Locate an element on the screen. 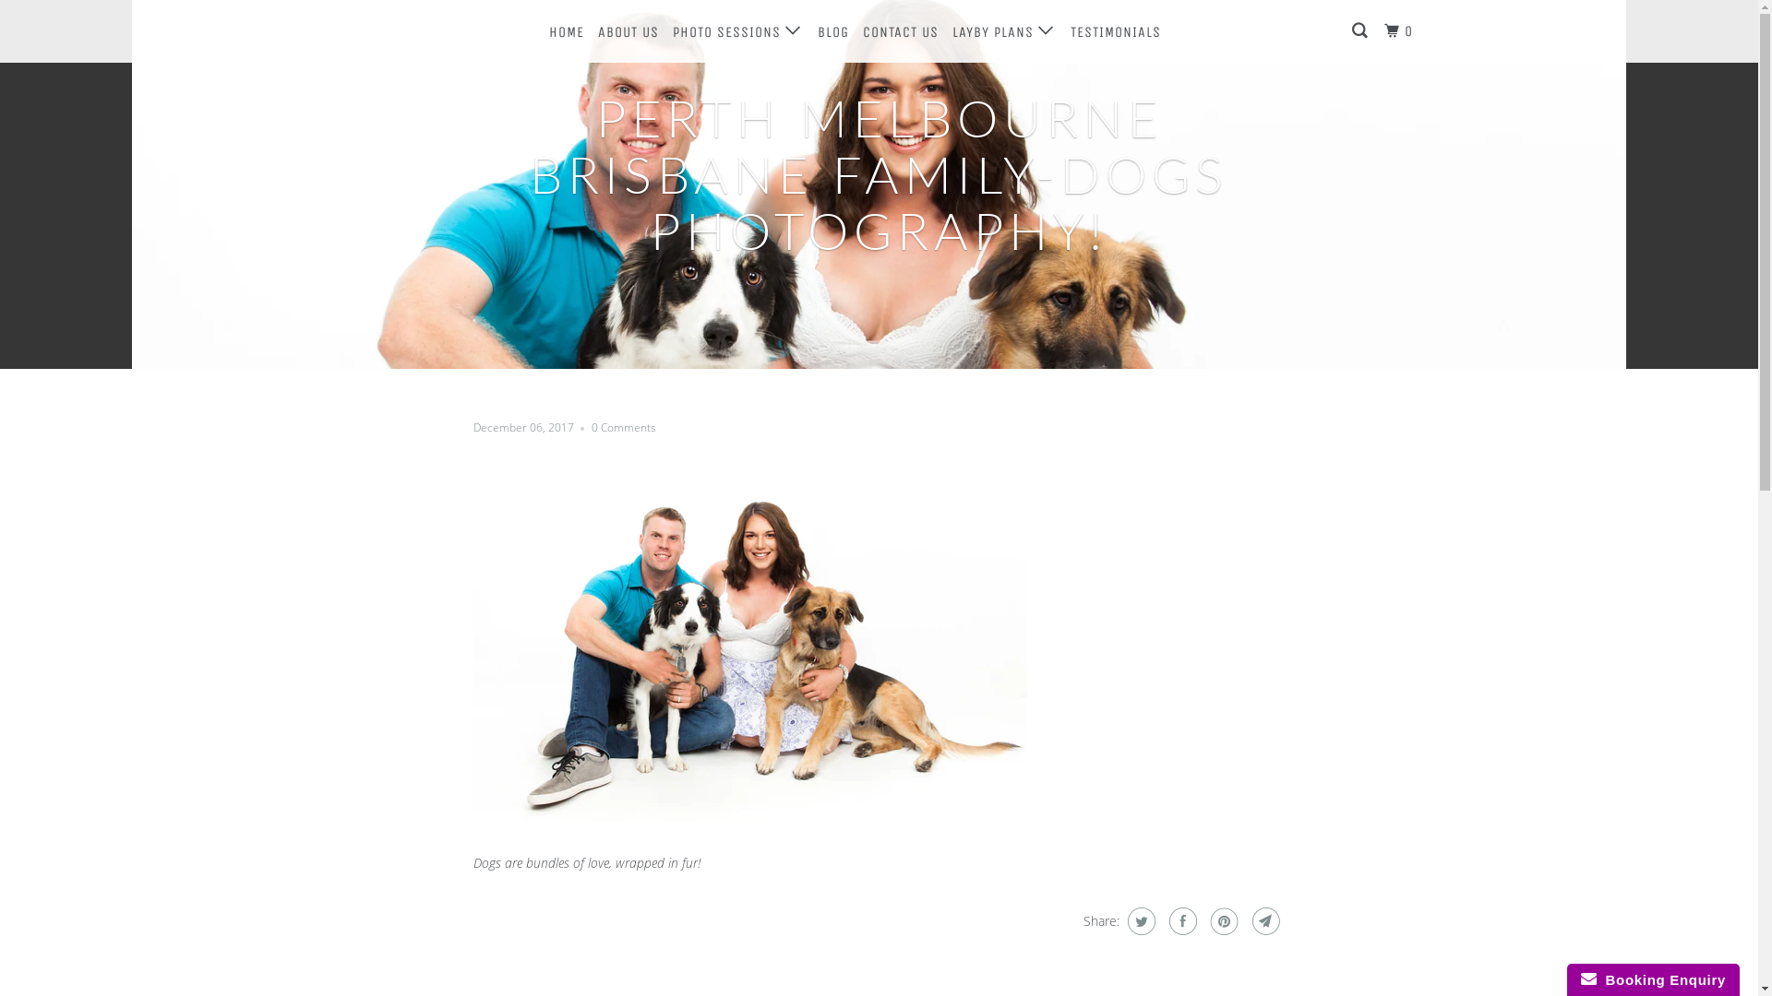 This screenshot has width=1772, height=996. 'PHOTO SESSIONS' is located at coordinates (736, 31).